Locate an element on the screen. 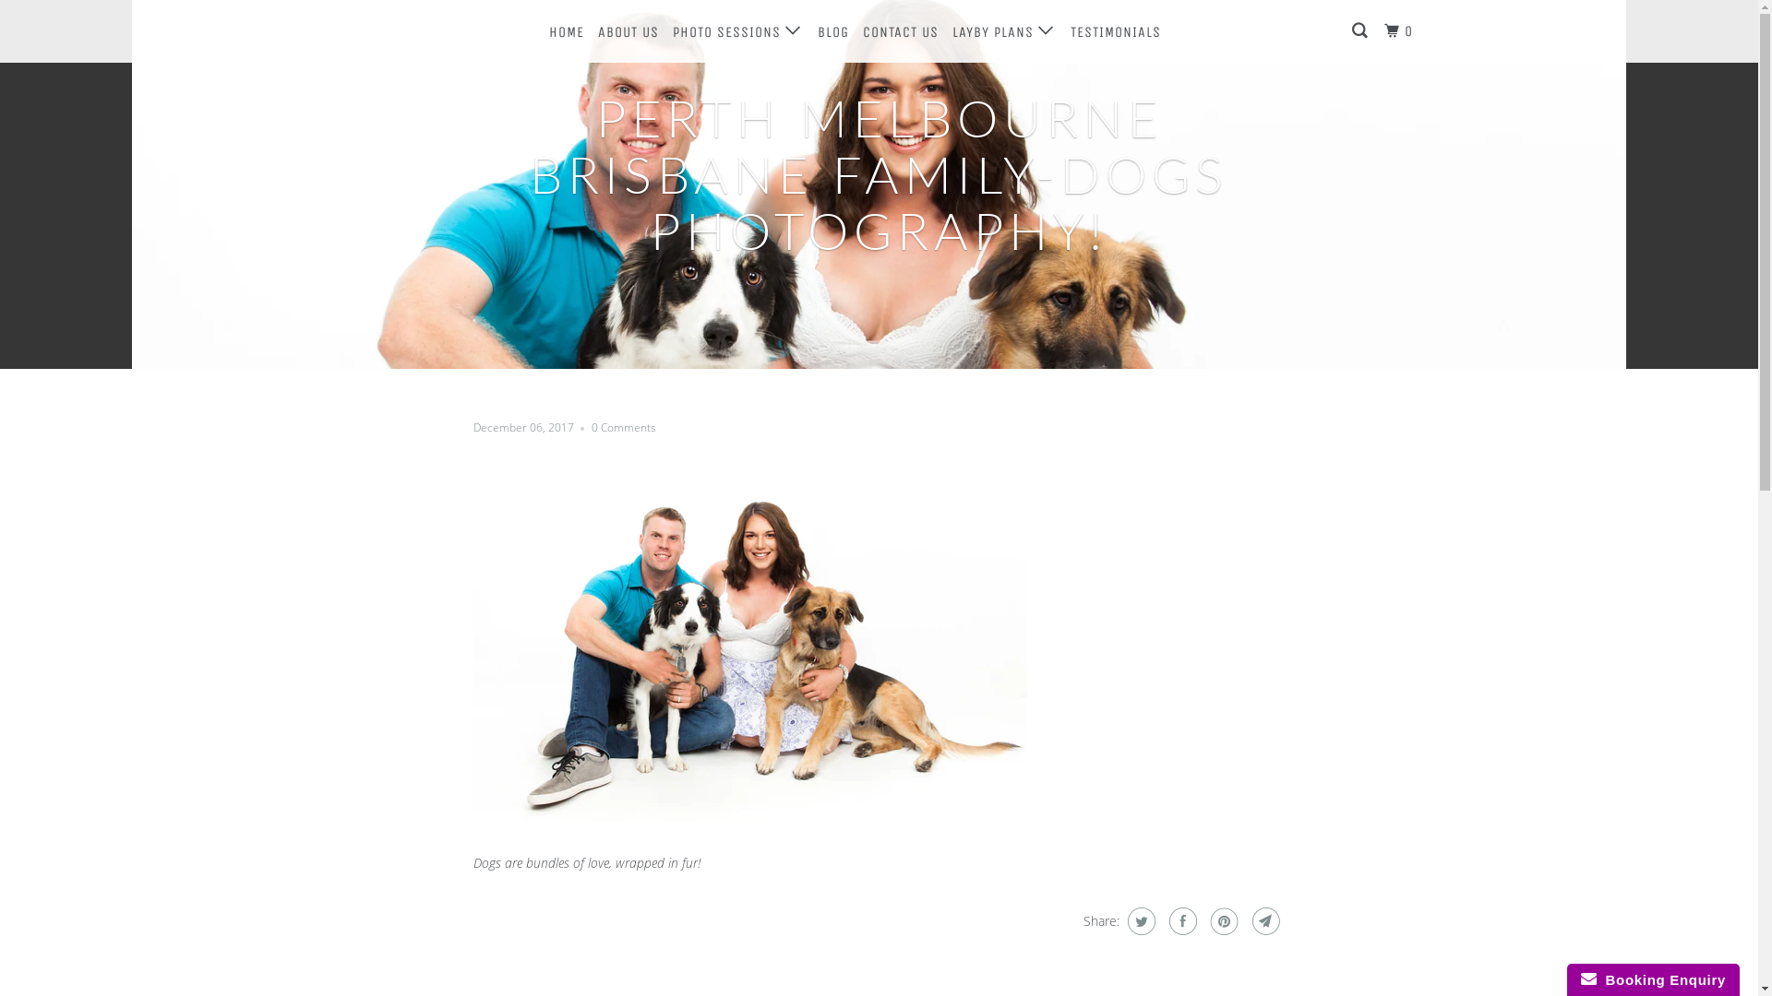 This screenshot has width=1772, height=996. 'PHOTO SESSIONS' is located at coordinates (736, 31).